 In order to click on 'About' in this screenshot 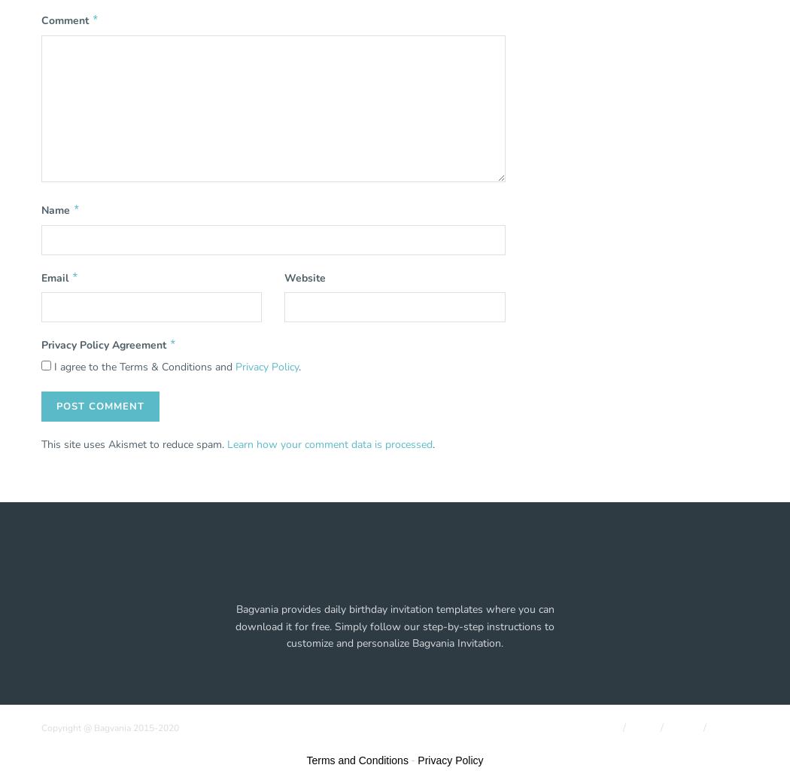, I will do `click(603, 727)`.